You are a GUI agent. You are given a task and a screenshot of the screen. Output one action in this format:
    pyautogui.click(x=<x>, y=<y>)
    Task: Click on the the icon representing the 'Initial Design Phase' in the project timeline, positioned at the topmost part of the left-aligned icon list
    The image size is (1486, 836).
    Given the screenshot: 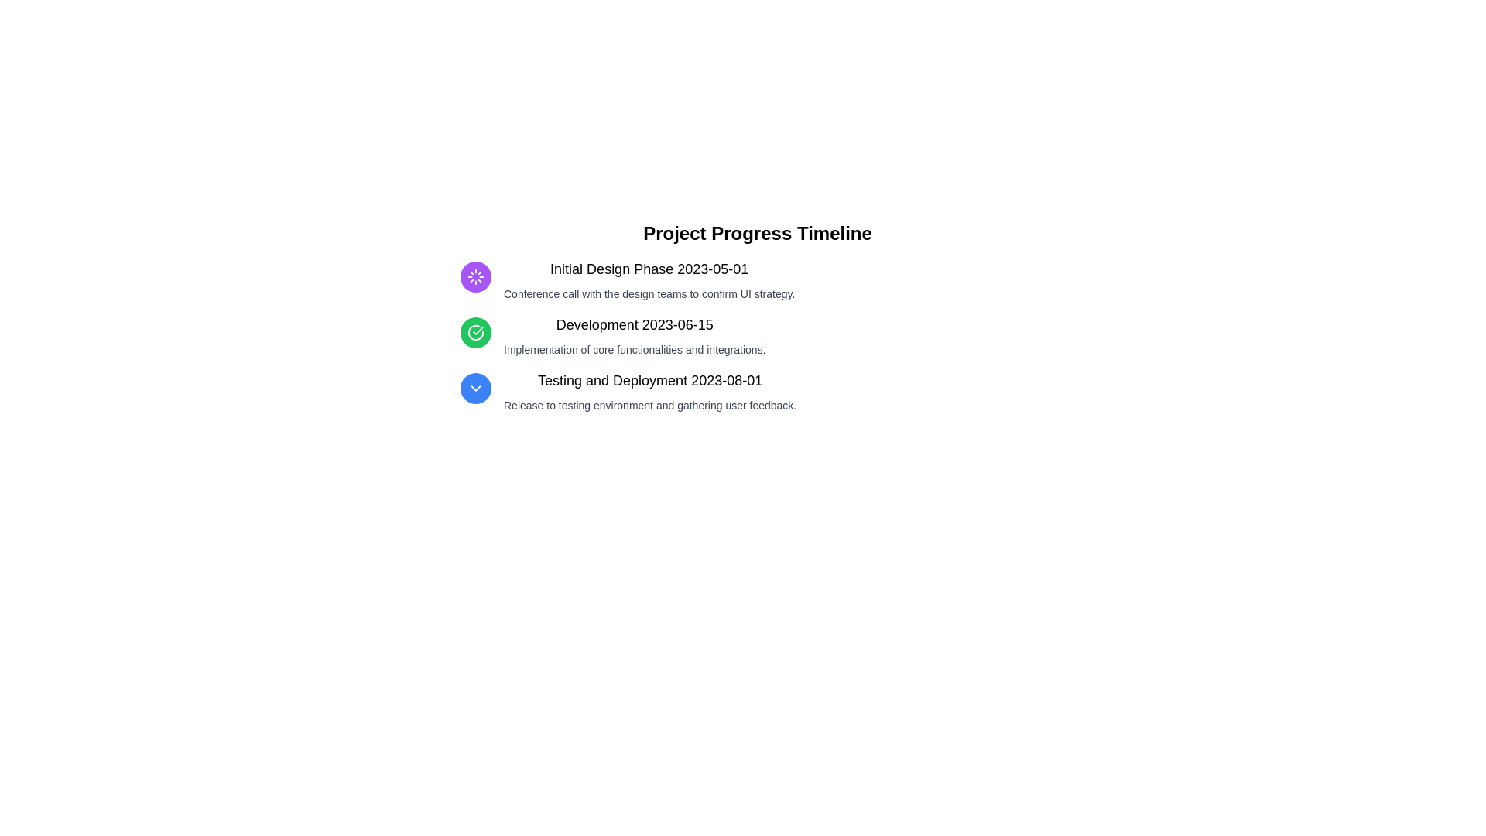 What is the action you would take?
    pyautogui.click(x=474, y=276)
    